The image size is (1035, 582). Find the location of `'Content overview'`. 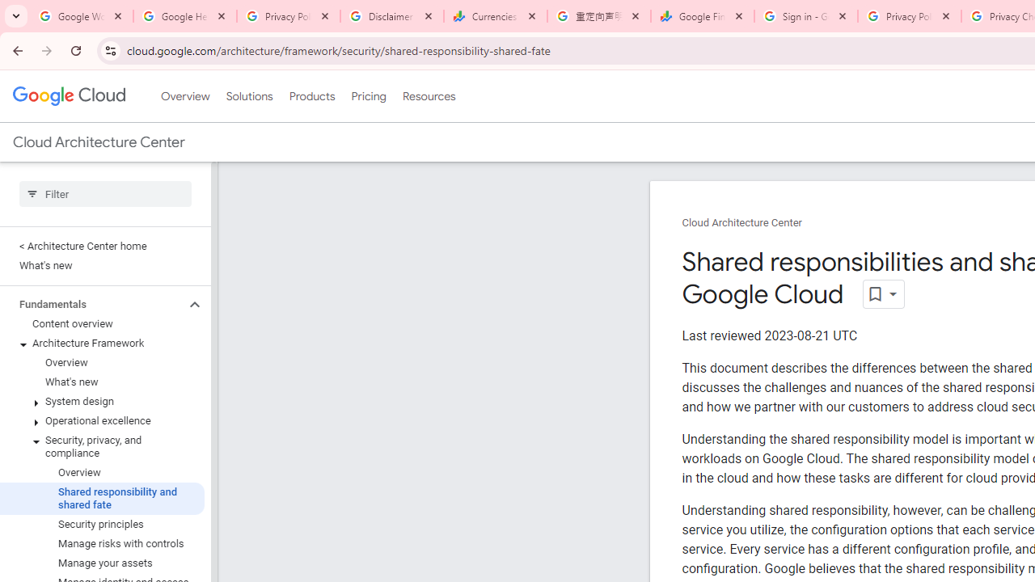

'Content overview' is located at coordinates (101, 324).